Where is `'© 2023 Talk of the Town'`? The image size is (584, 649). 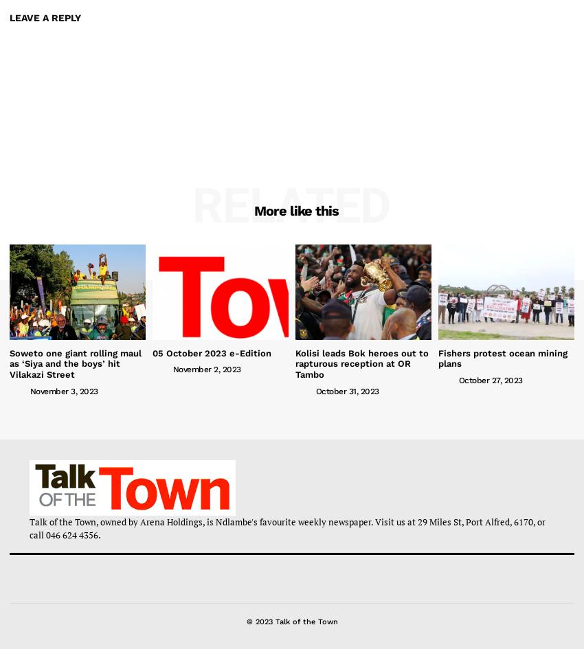 '© 2023 Talk of the Town' is located at coordinates (245, 620).